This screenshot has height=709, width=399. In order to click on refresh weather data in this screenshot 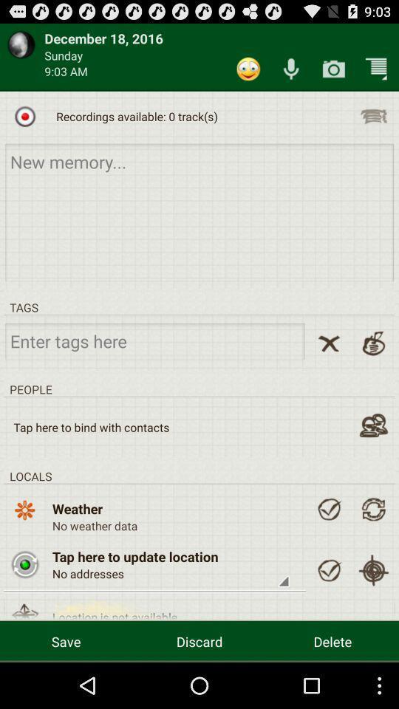, I will do `click(372, 509)`.